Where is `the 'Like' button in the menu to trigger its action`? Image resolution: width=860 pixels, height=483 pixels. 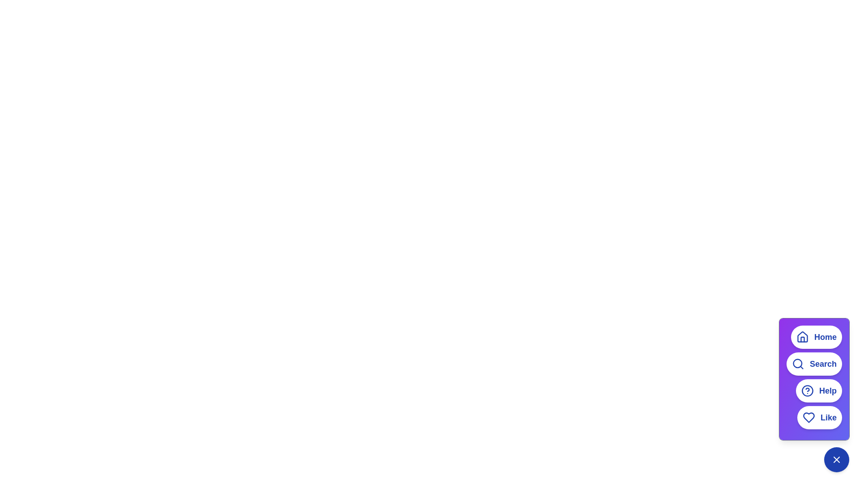 the 'Like' button in the menu to trigger its action is located at coordinates (819, 417).